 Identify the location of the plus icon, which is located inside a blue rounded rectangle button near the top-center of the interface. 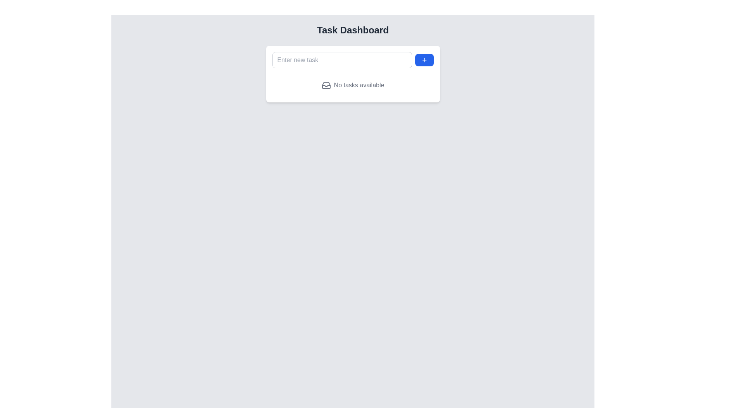
(424, 59).